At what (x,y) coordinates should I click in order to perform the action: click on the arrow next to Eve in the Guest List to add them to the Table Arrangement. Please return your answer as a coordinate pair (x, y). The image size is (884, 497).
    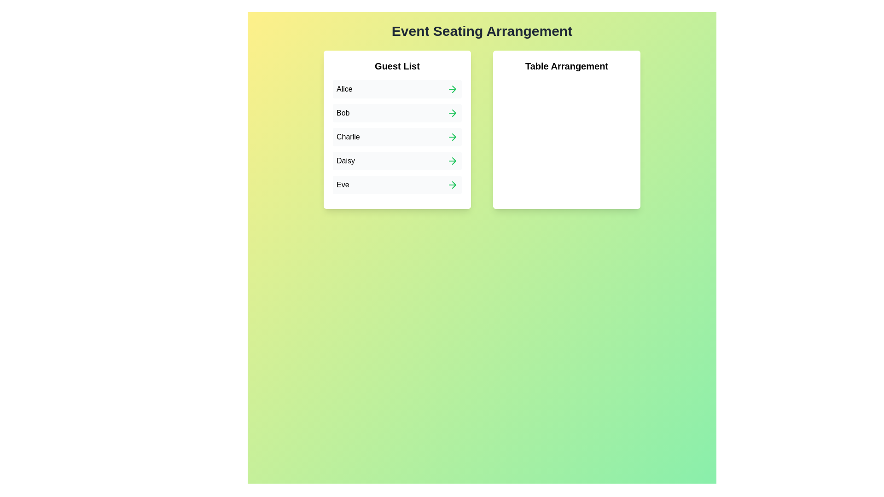
    Looking at the image, I should click on (453, 185).